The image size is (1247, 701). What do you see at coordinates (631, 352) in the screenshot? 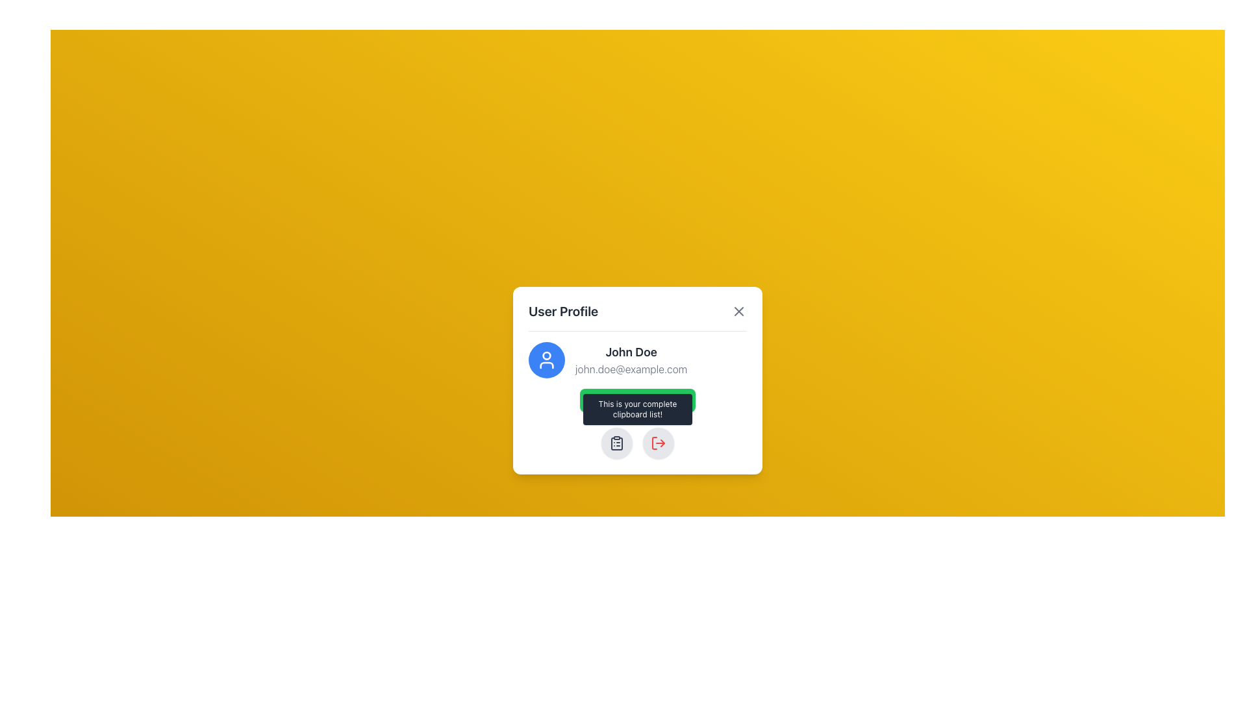
I see `the text label displaying 'John Doe' in bold font within the 'User Profile' modal, located below the heading and to the right of the user avatar icon` at bounding box center [631, 352].